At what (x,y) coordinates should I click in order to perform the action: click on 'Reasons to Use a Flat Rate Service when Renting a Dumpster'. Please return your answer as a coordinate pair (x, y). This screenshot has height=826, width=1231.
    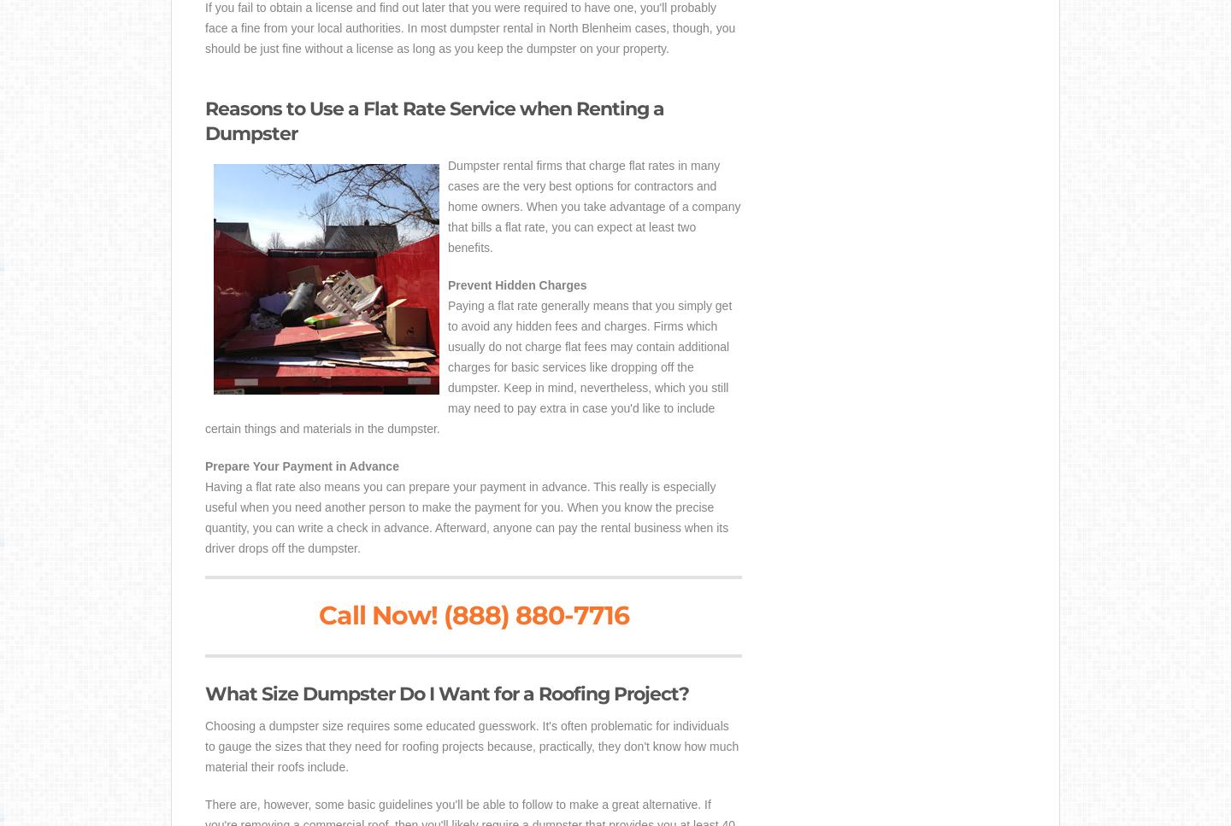
    Looking at the image, I should click on (433, 120).